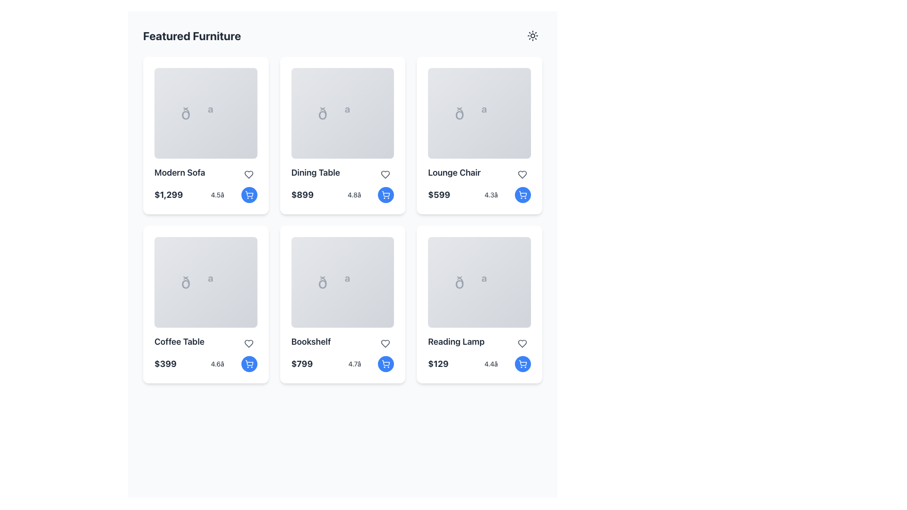 The width and height of the screenshot is (907, 510). What do you see at coordinates (249, 364) in the screenshot?
I see `the shopping cart button with a blue circular background located at the bottom-right corner of the 'Coffee Table' card` at bounding box center [249, 364].